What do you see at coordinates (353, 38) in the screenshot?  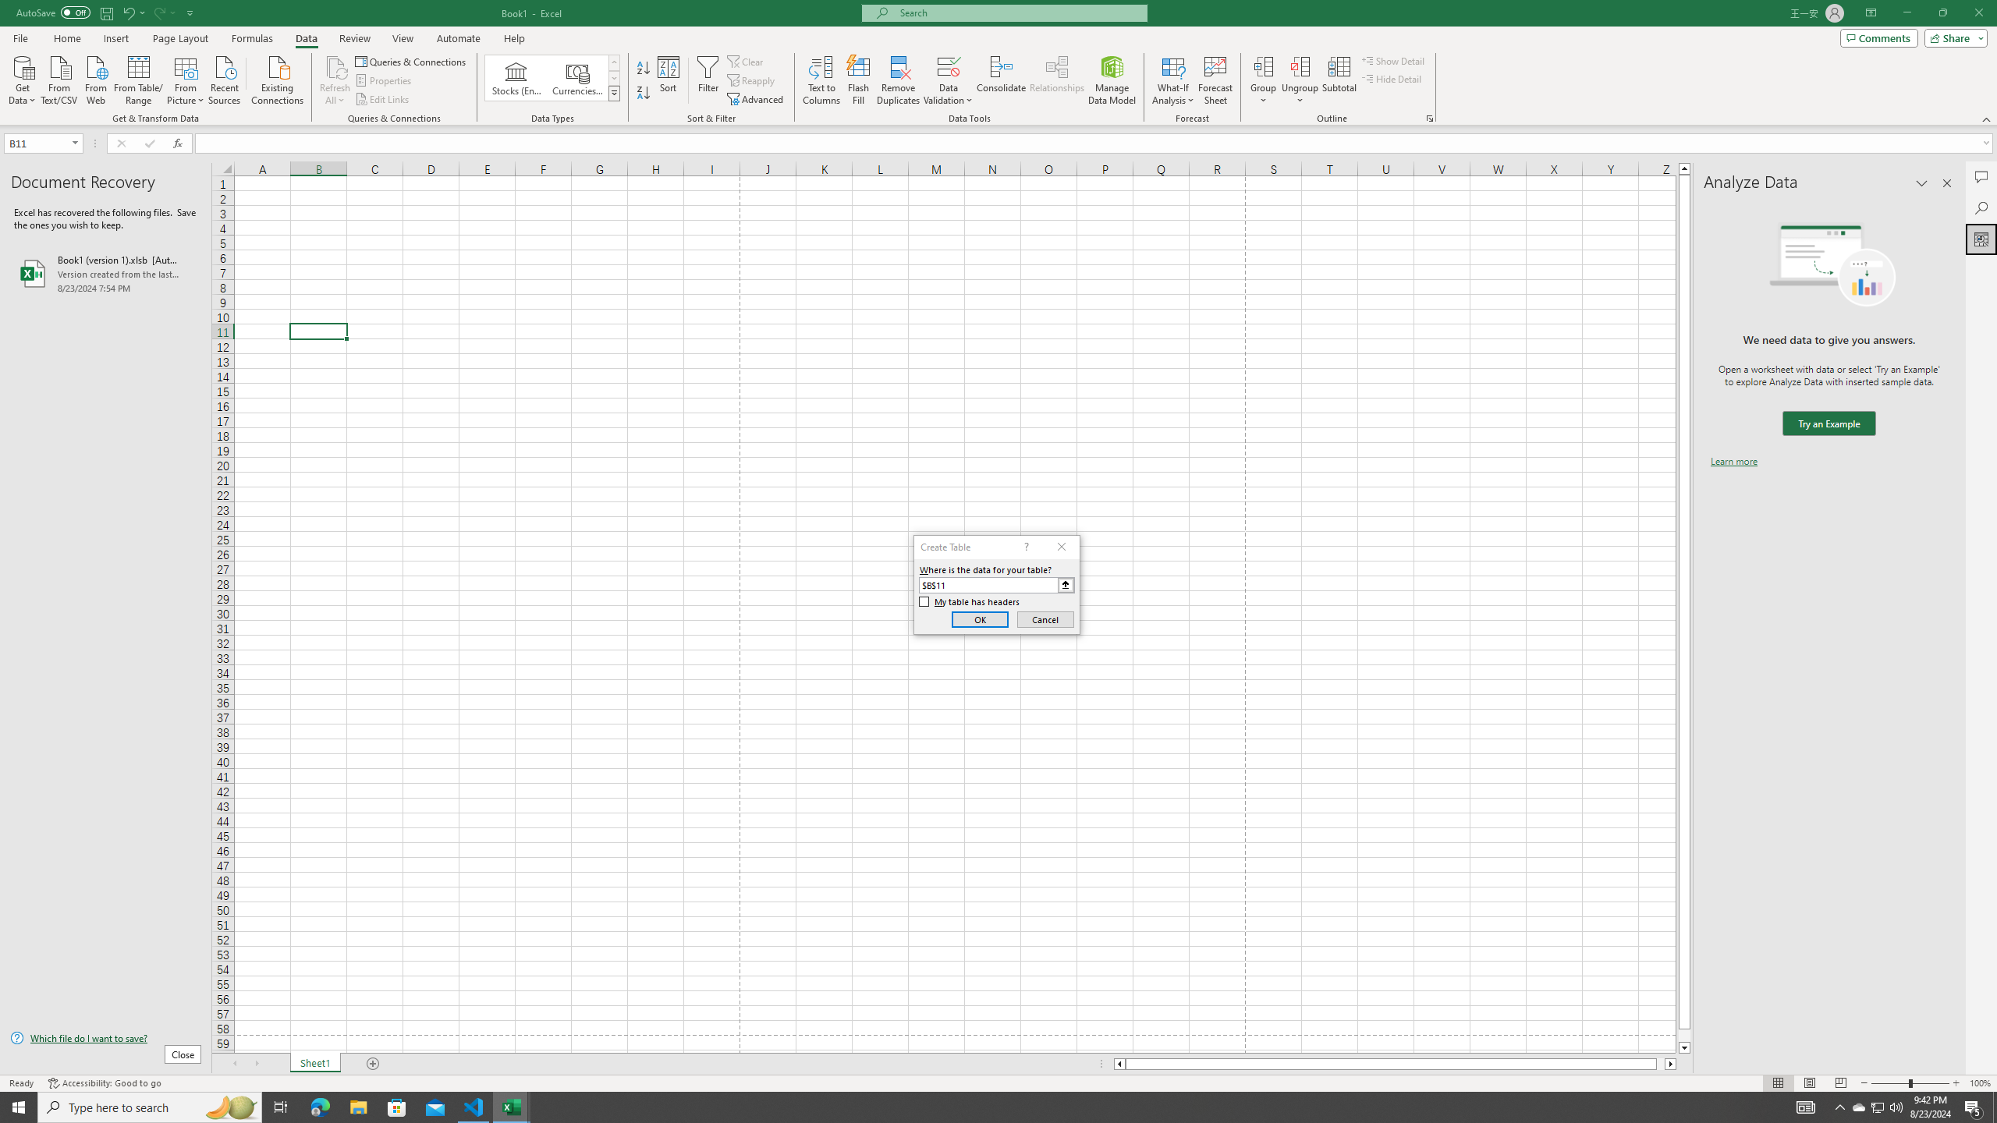 I see `'Review'` at bounding box center [353, 38].